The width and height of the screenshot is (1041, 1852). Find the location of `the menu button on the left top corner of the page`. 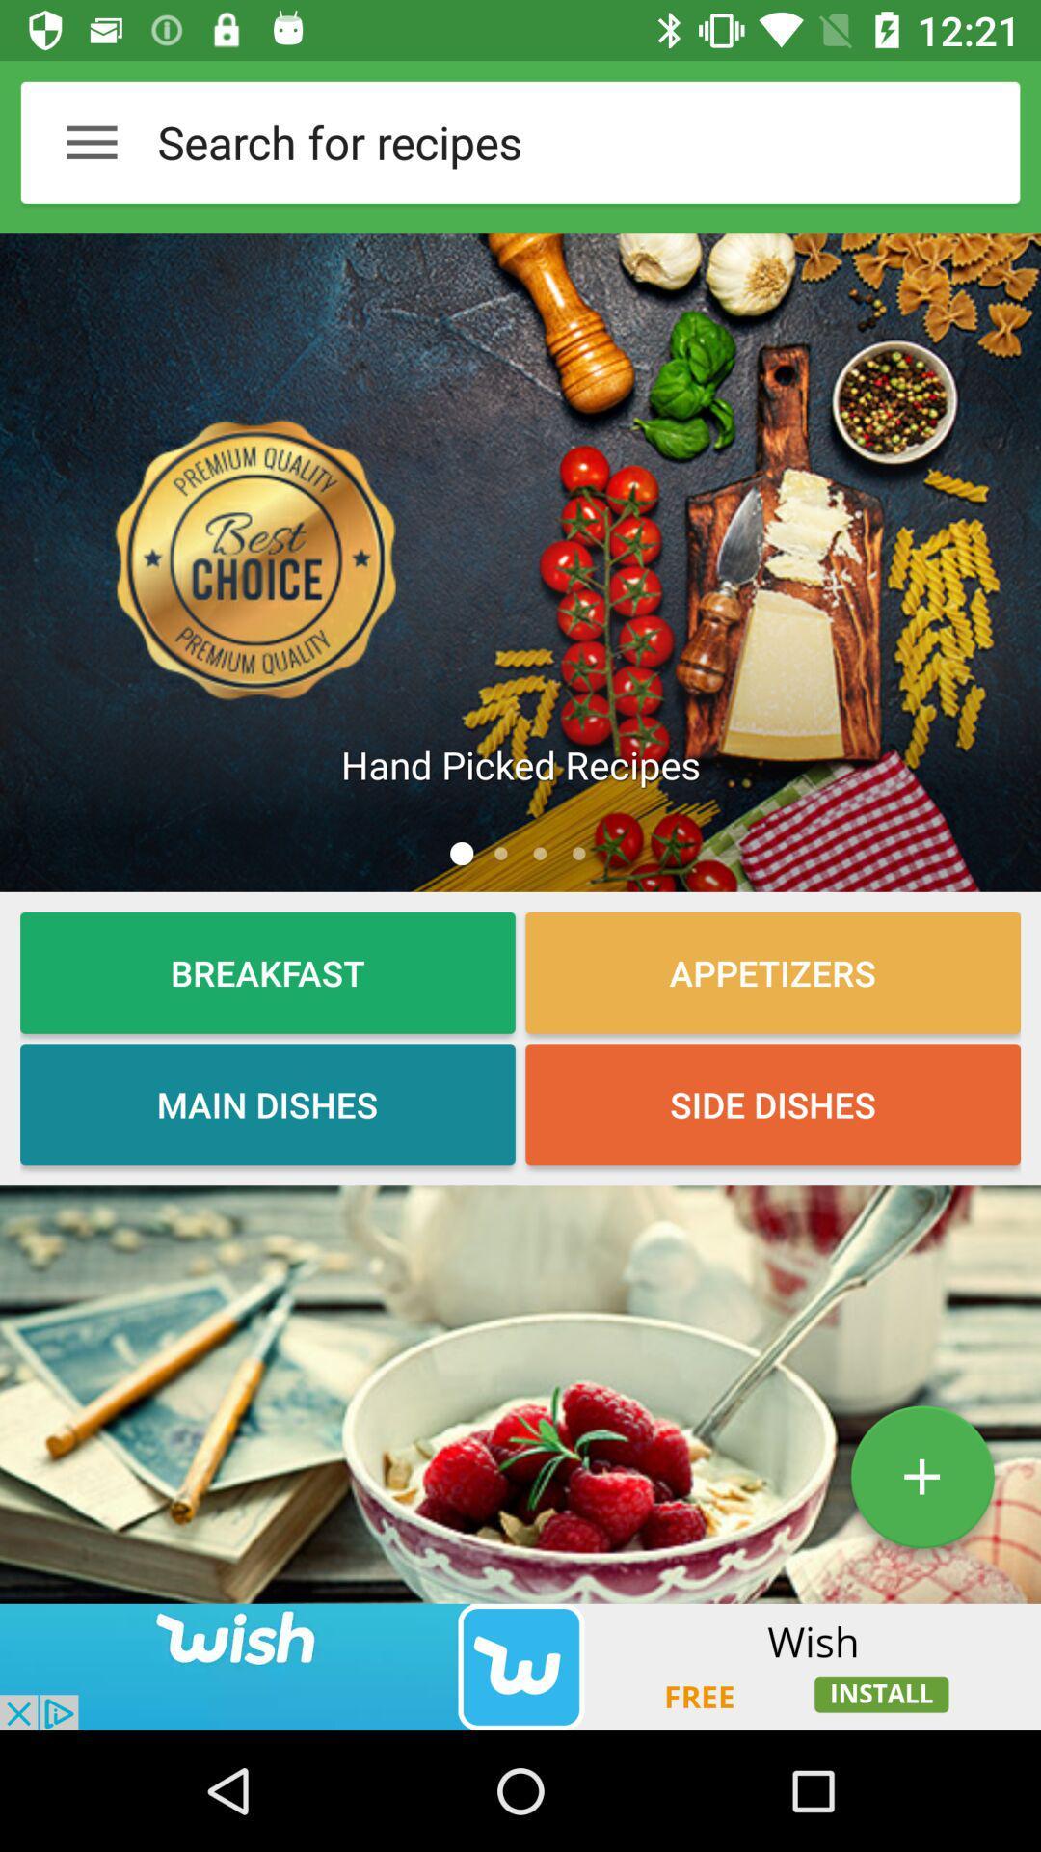

the menu button on the left top corner of the page is located at coordinates (92, 141).